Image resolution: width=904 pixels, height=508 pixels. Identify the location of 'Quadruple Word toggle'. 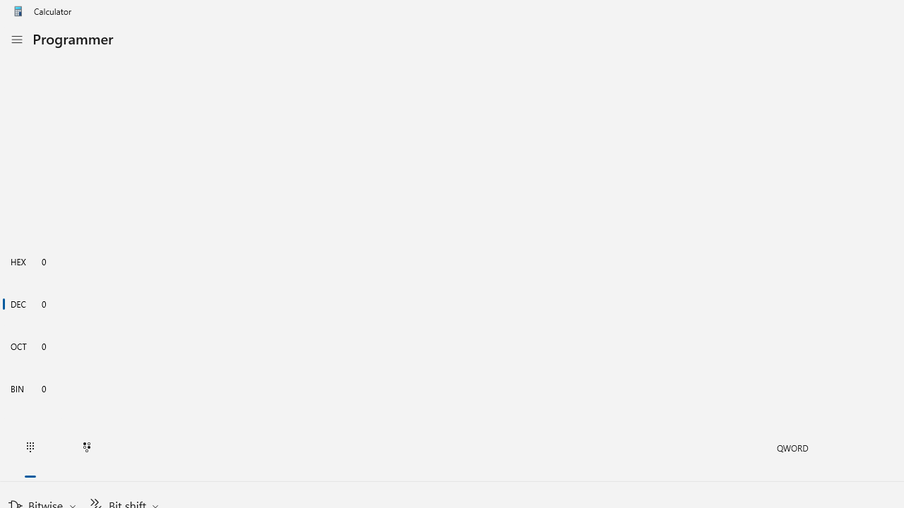
(792, 448).